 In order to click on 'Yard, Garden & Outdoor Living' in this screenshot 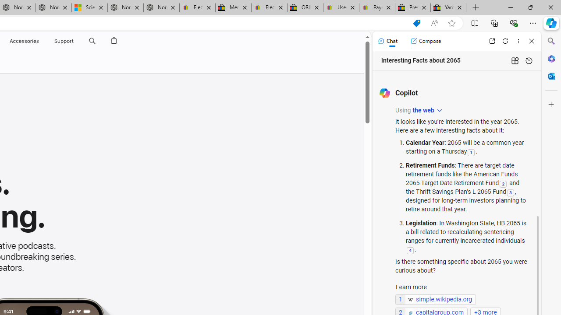, I will do `click(448, 7)`.